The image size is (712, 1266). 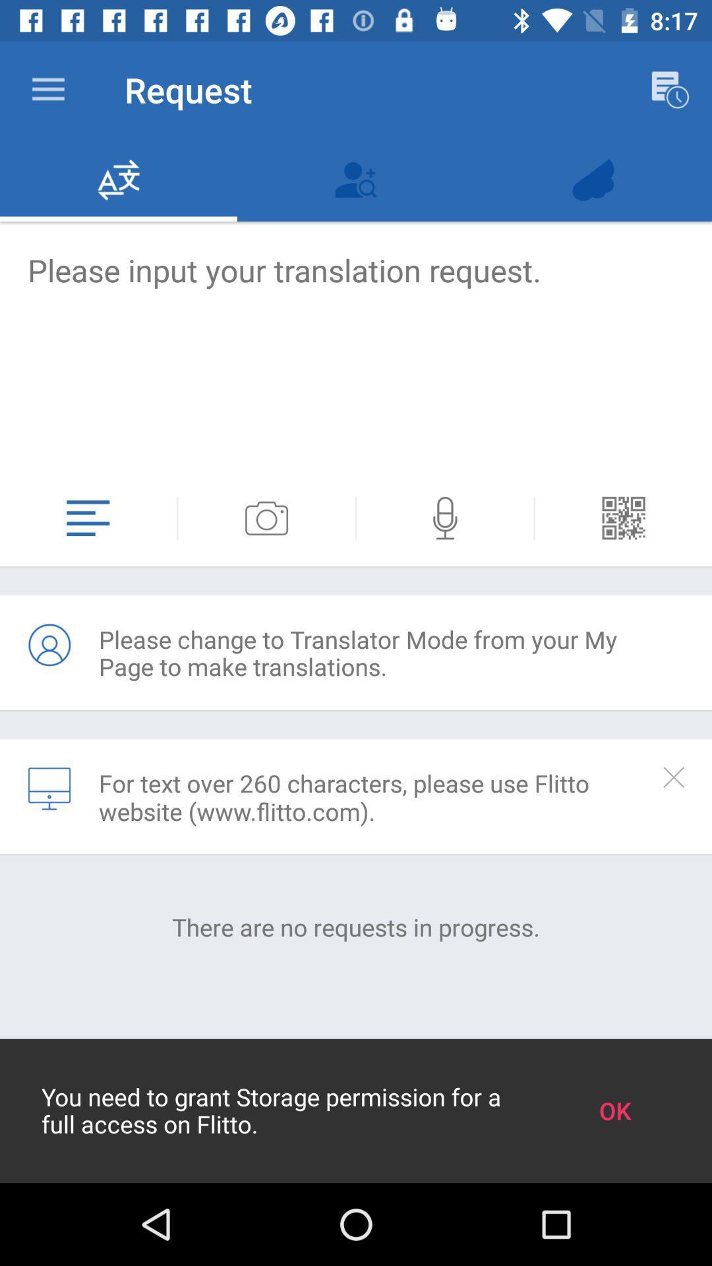 What do you see at coordinates (356, 926) in the screenshot?
I see `the item above the you need to` at bounding box center [356, 926].